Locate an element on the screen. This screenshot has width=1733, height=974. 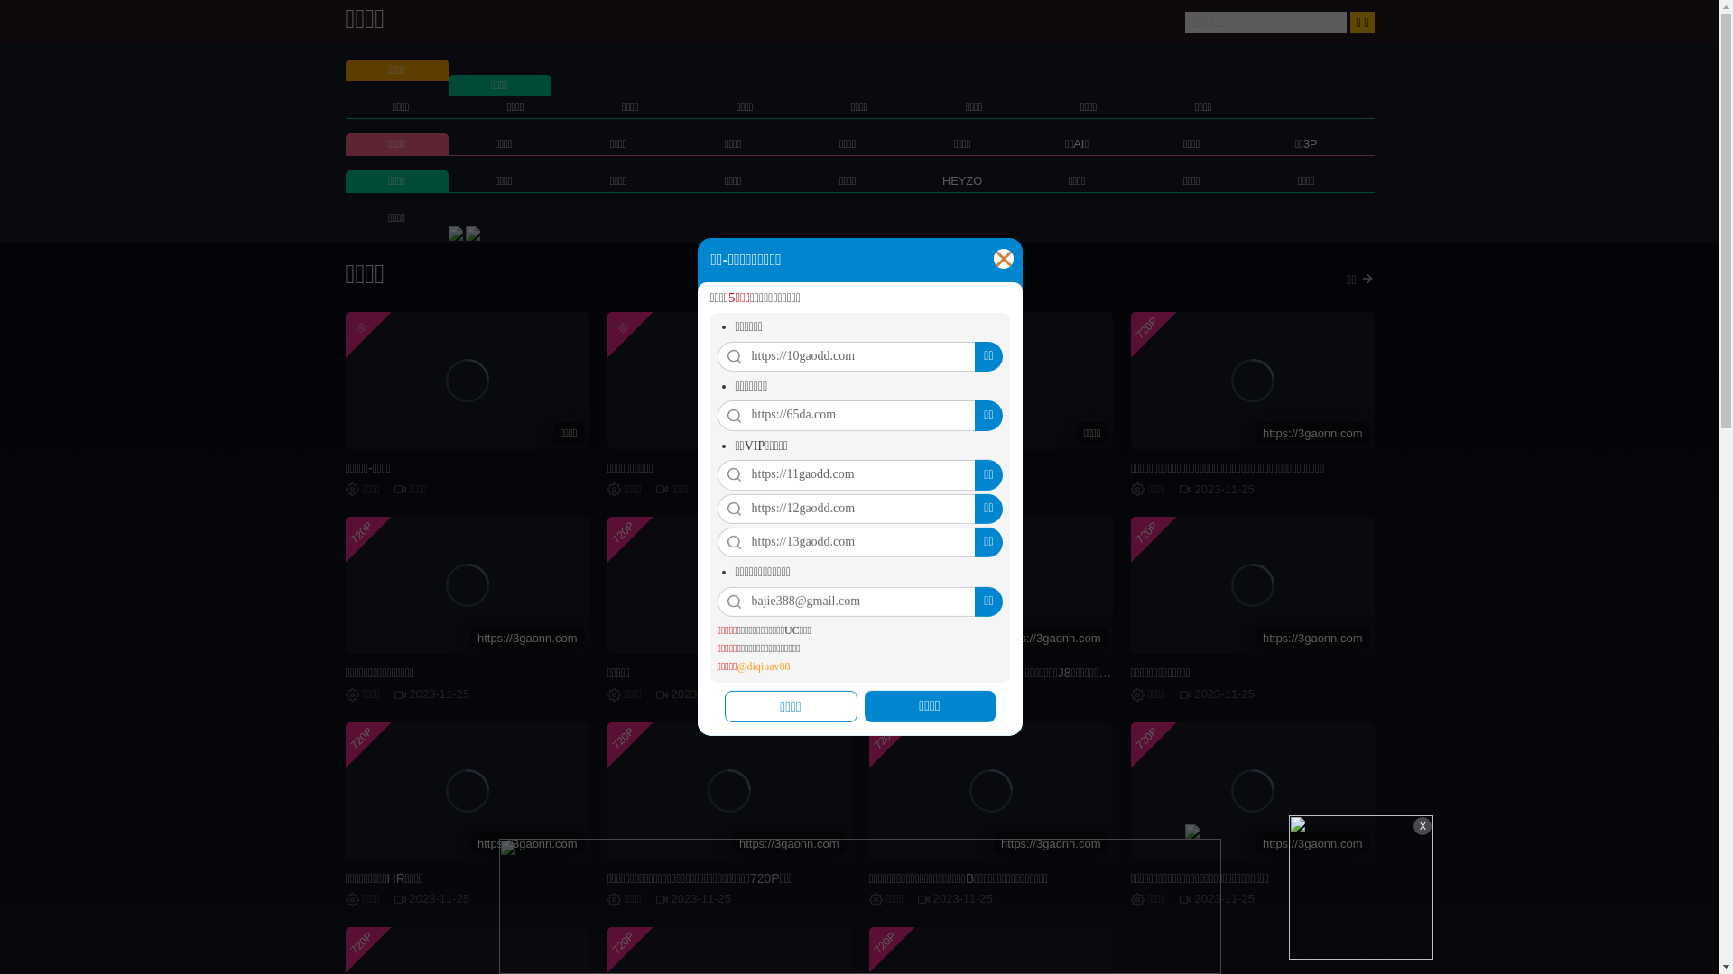
'HEYZO' is located at coordinates (960, 180).